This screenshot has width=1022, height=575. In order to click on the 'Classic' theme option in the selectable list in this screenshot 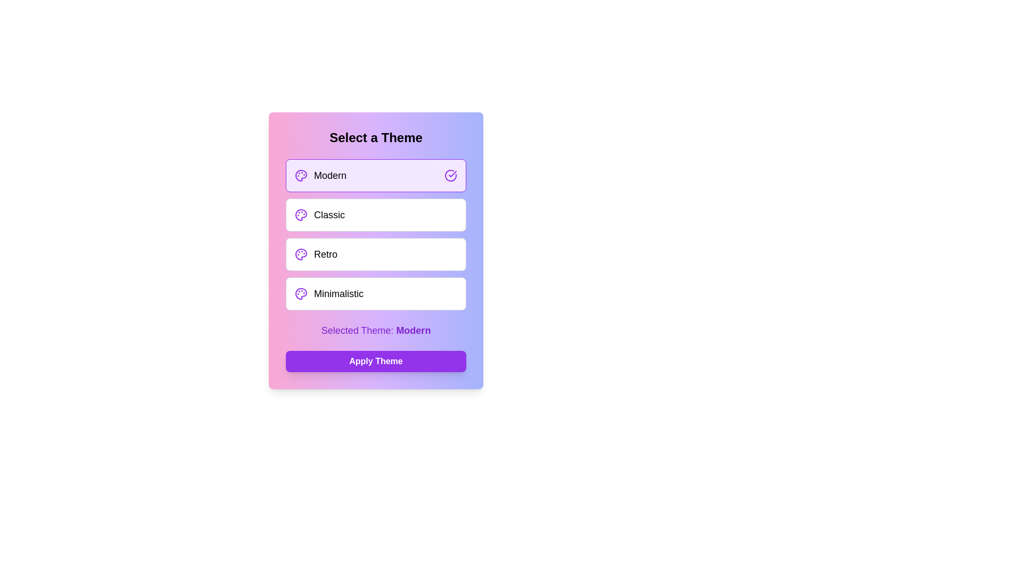, I will do `click(376, 234)`.